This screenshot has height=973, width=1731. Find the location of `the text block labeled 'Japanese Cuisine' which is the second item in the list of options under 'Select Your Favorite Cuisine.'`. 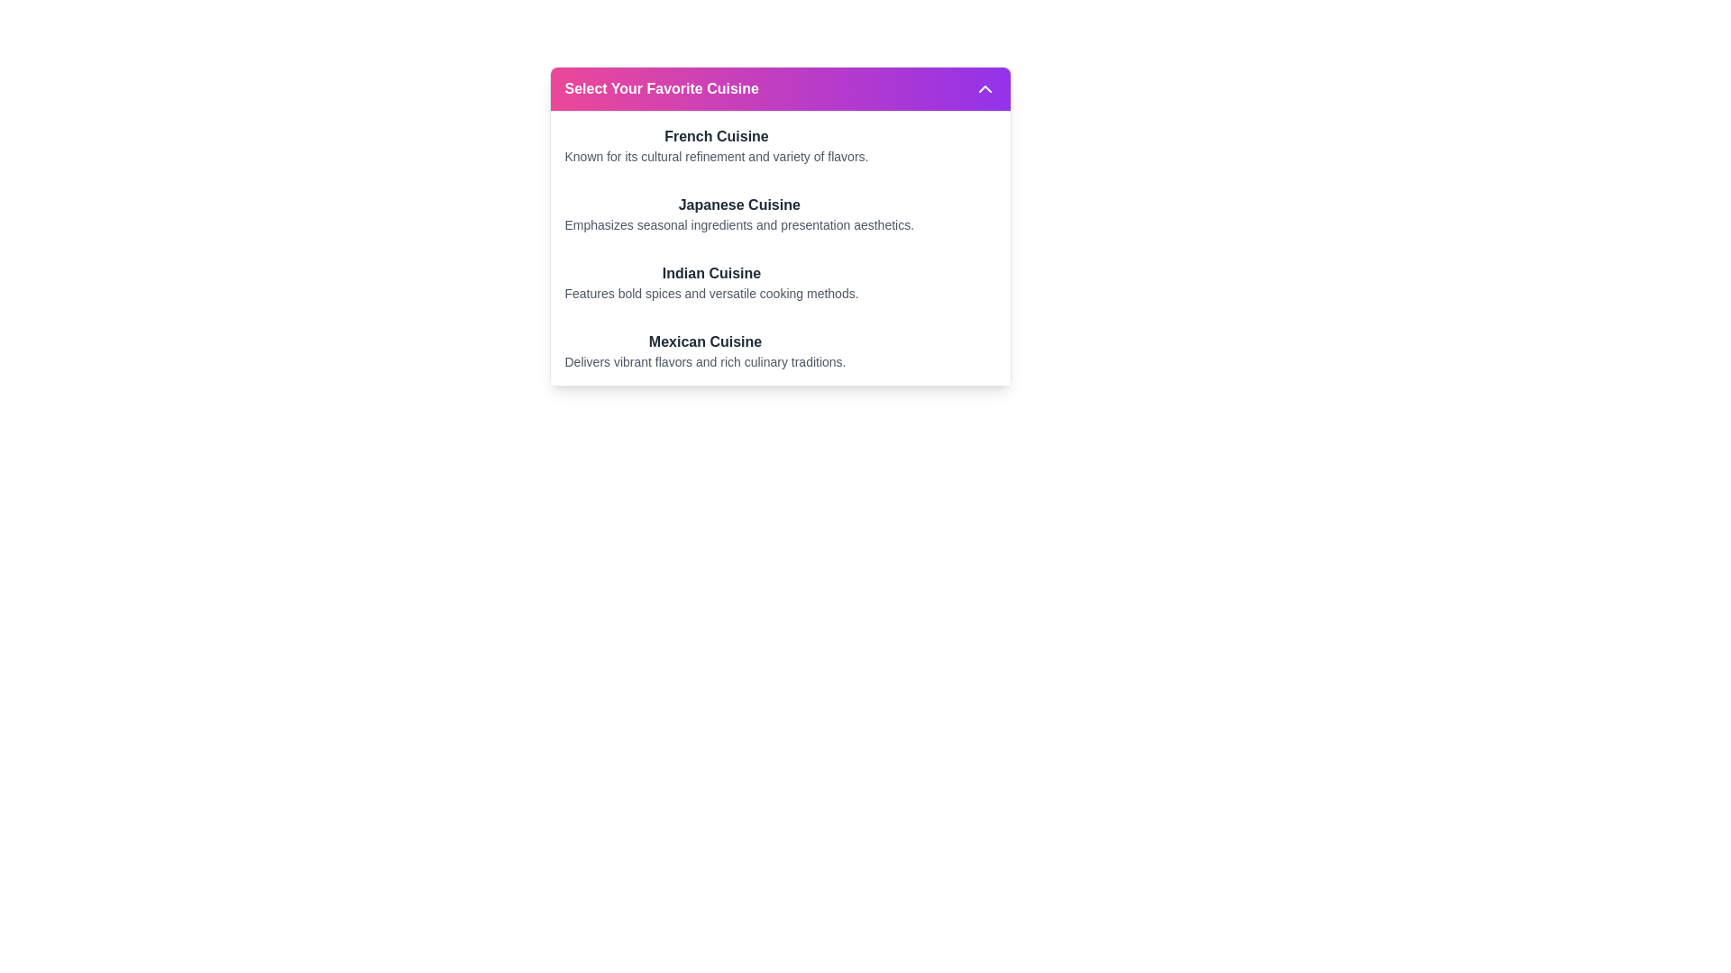

the text block labeled 'Japanese Cuisine' which is the second item in the list of options under 'Select Your Favorite Cuisine.' is located at coordinates (780, 214).